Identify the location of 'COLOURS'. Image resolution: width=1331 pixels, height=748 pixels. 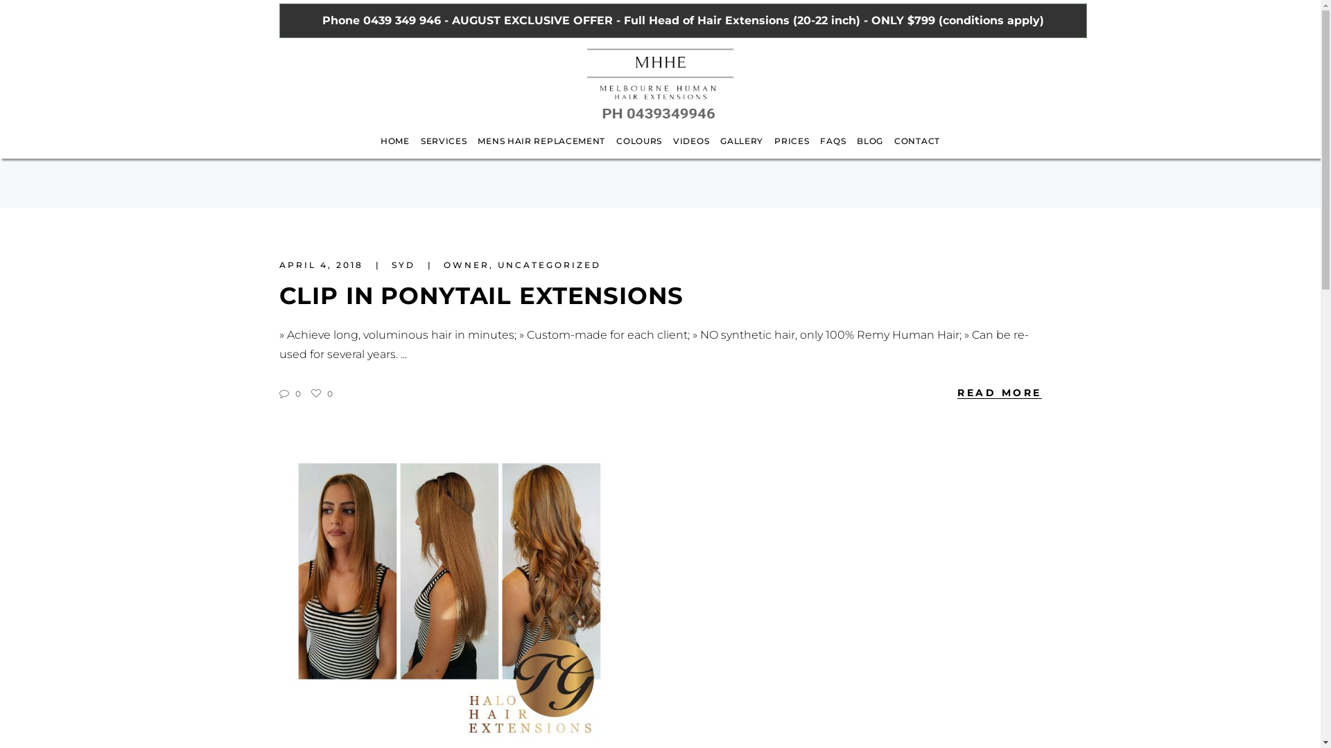
(638, 150).